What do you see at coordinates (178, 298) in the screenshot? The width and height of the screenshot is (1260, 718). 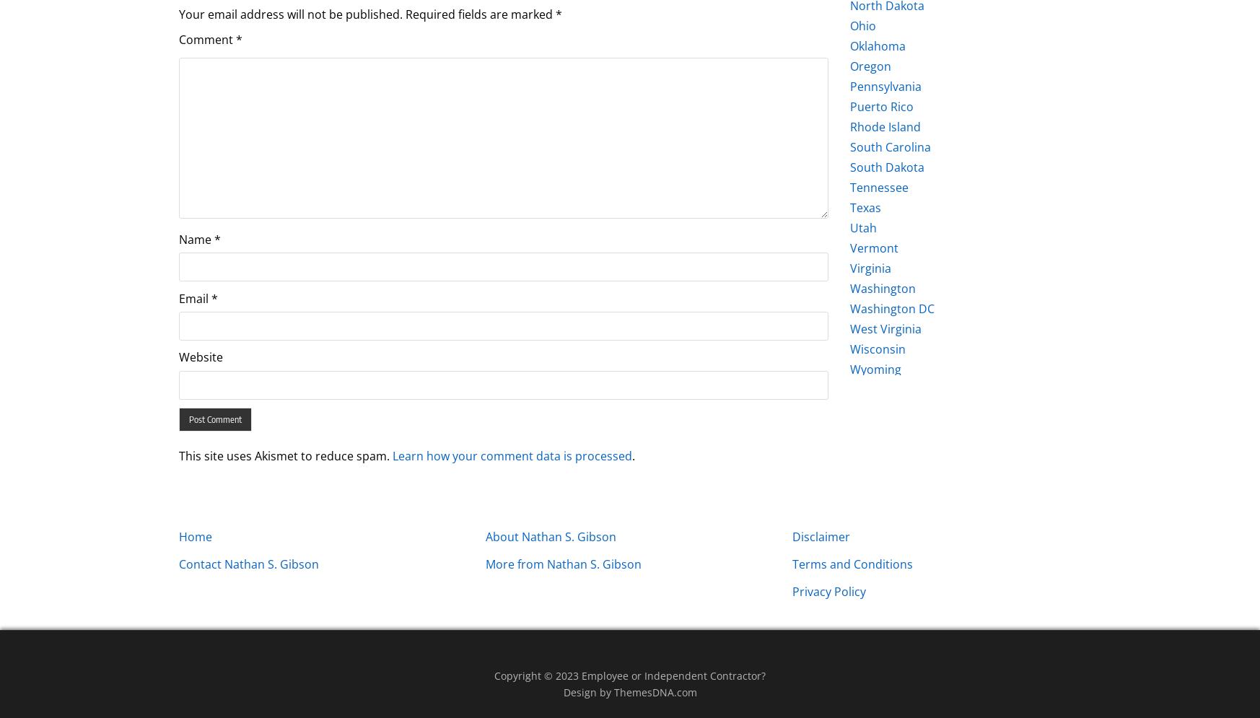 I see `'Email'` at bounding box center [178, 298].